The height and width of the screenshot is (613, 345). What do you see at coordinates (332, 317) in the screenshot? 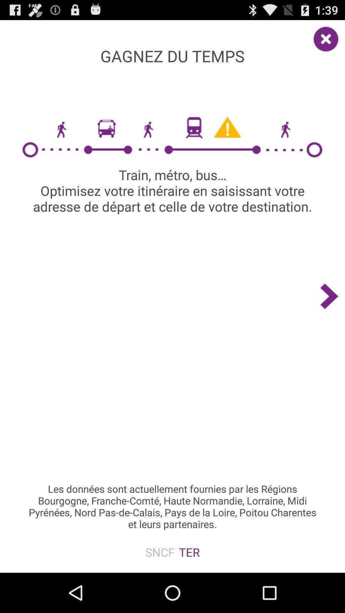
I see `the arrow_forward icon` at bounding box center [332, 317].